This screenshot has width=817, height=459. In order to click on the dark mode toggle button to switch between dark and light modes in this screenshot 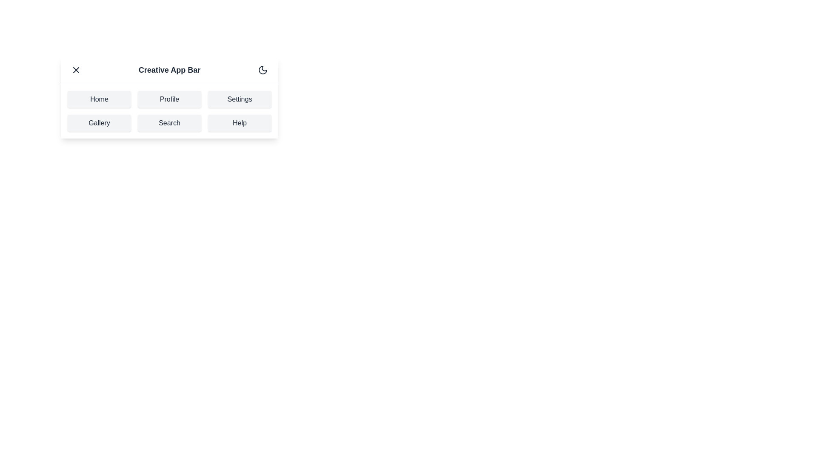, I will do `click(263, 70)`.